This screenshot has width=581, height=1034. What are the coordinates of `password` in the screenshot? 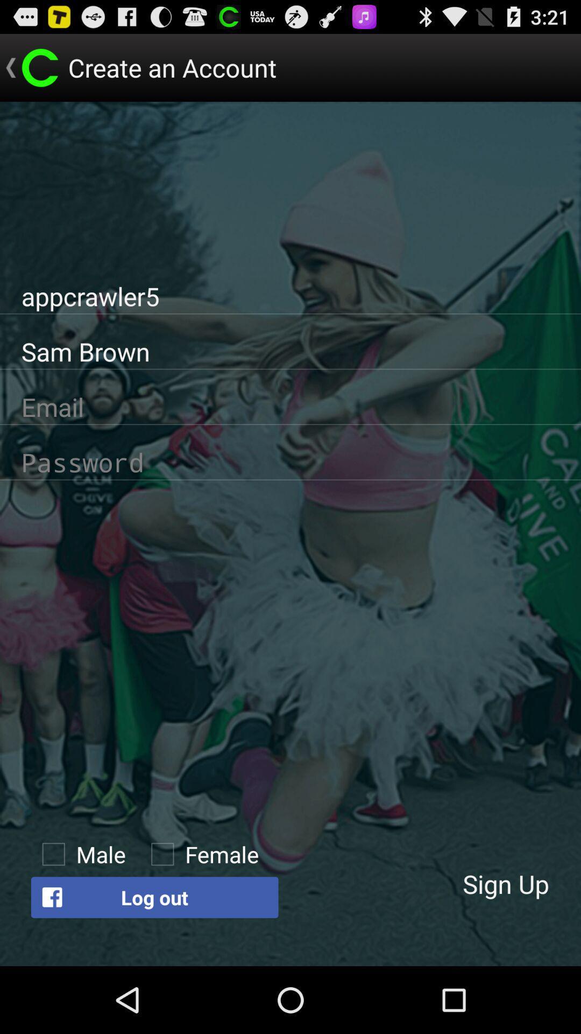 It's located at (290, 462).